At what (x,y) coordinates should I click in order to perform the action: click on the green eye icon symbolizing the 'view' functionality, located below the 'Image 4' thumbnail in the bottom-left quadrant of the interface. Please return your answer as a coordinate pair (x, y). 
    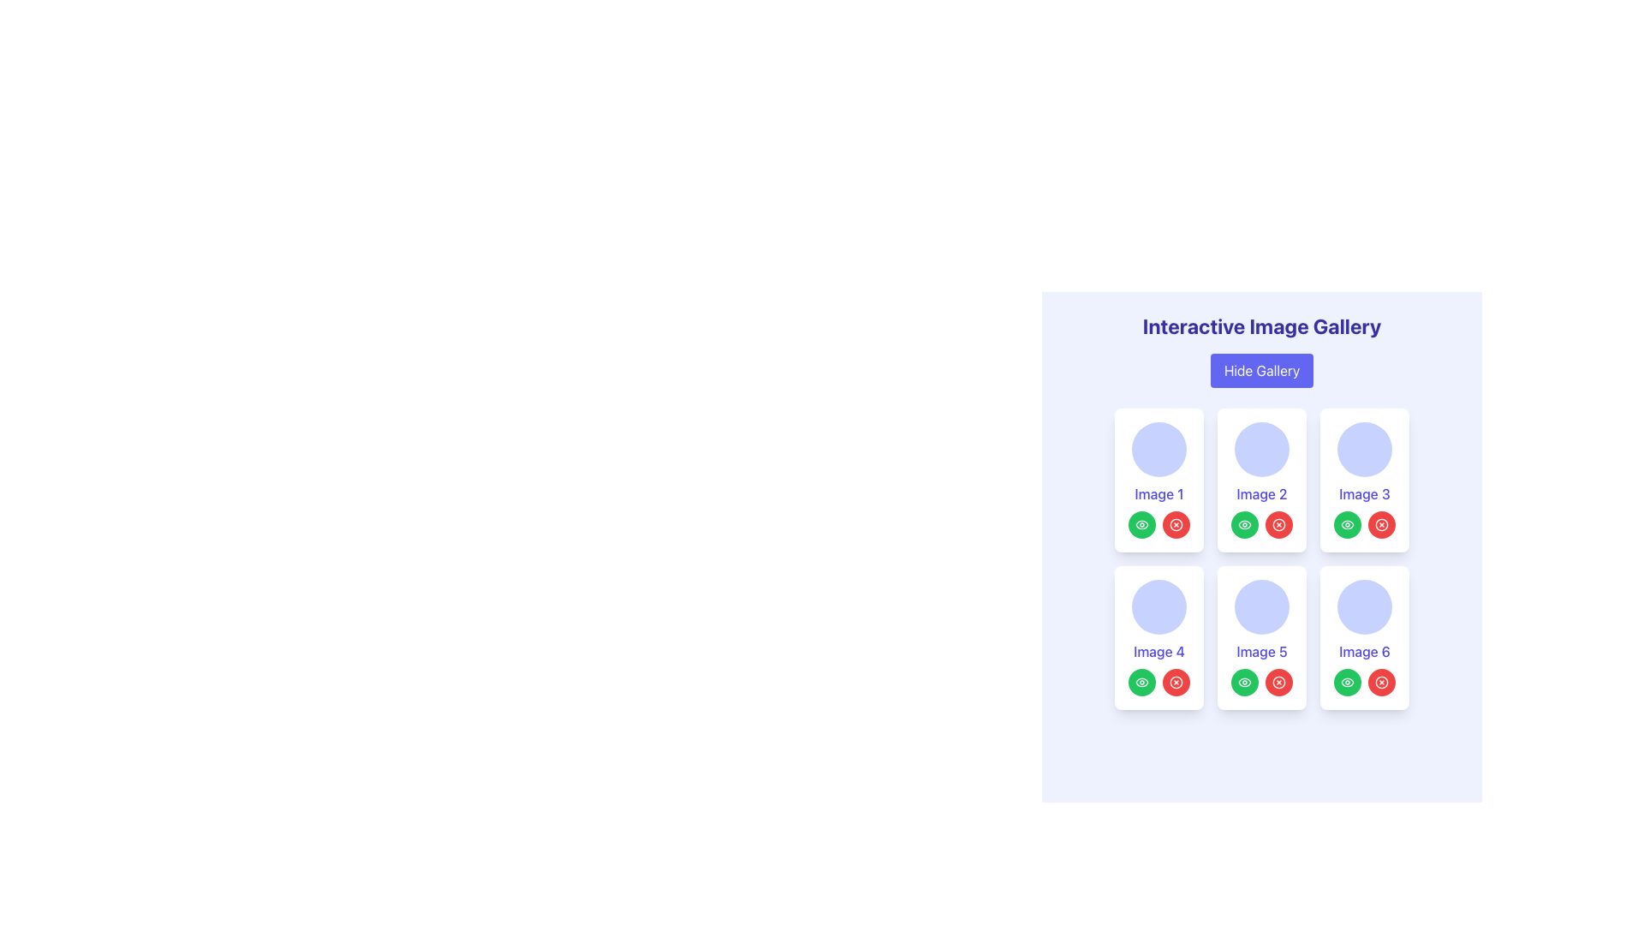
    Looking at the image, I should click on (1142, 682).